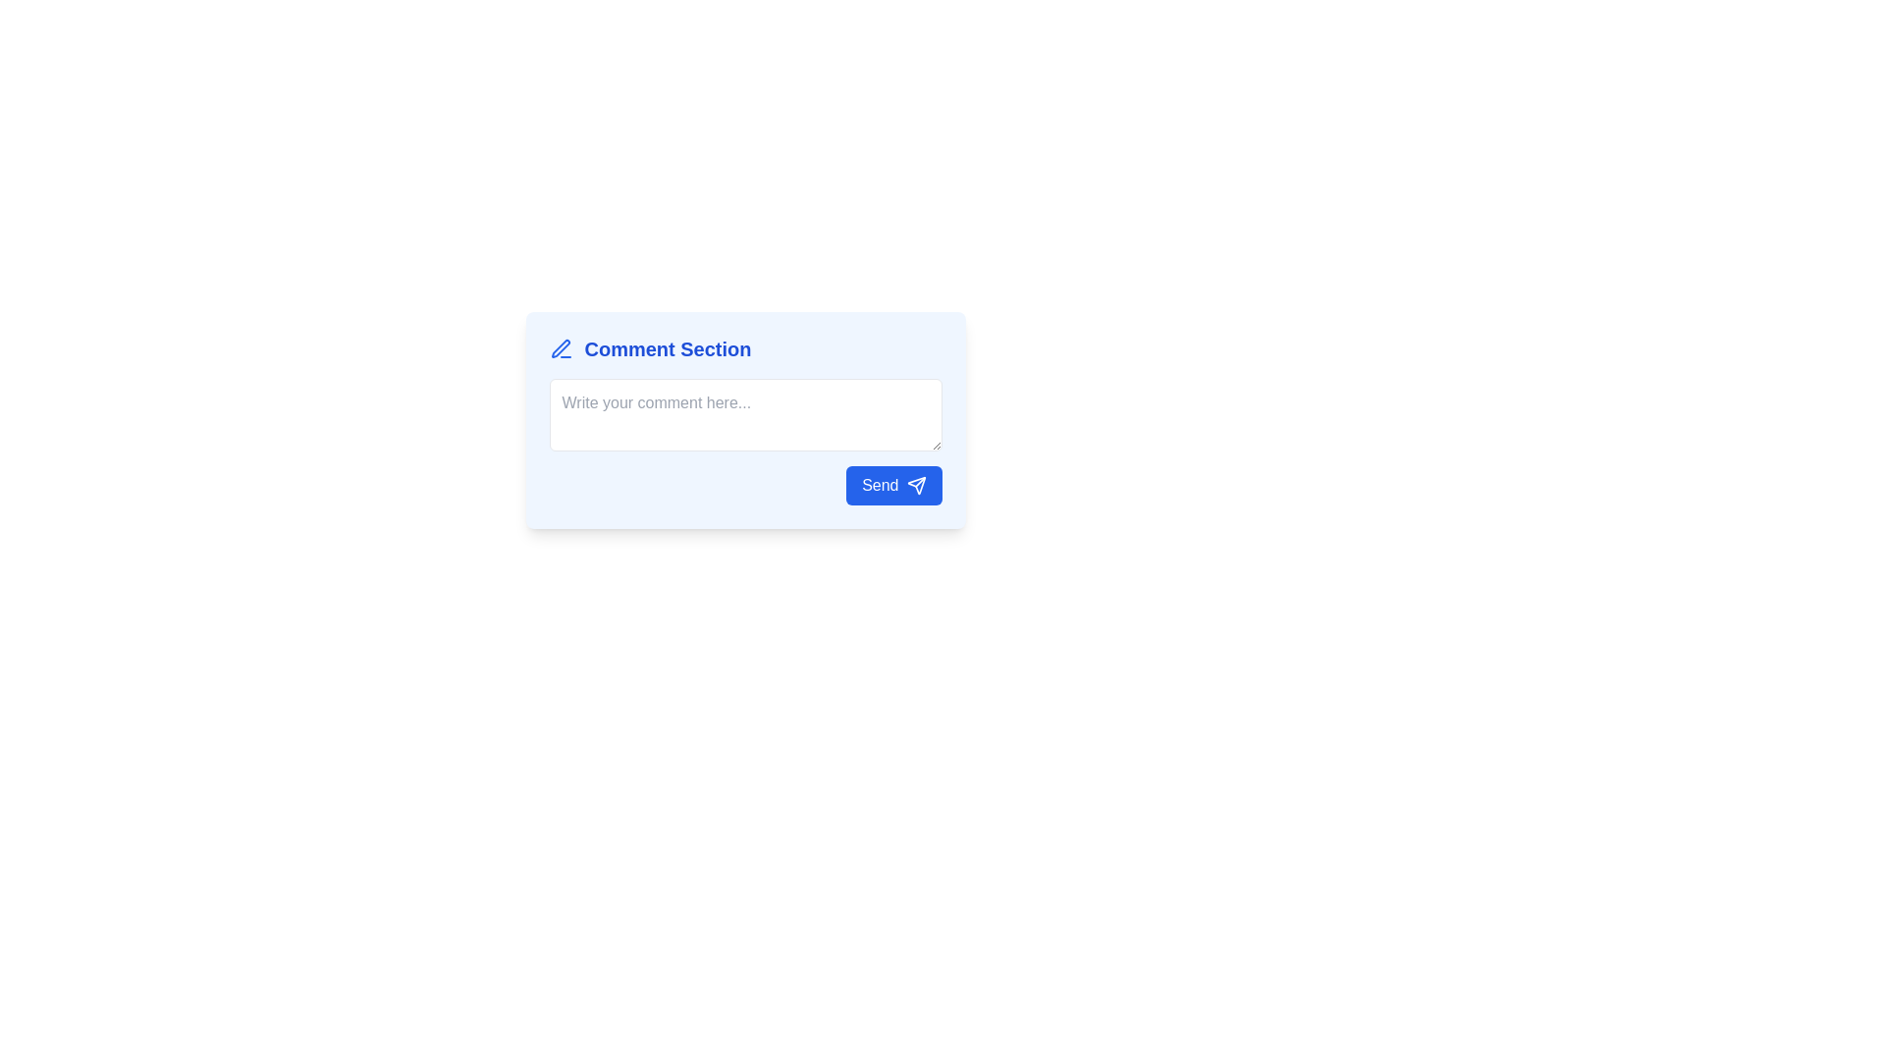 This screenshot has height=1060, width=1885. Describe the element at coordinates (744, 419) in the screenshot. I see `inside the comment input field of the comment submission interface` at that location.